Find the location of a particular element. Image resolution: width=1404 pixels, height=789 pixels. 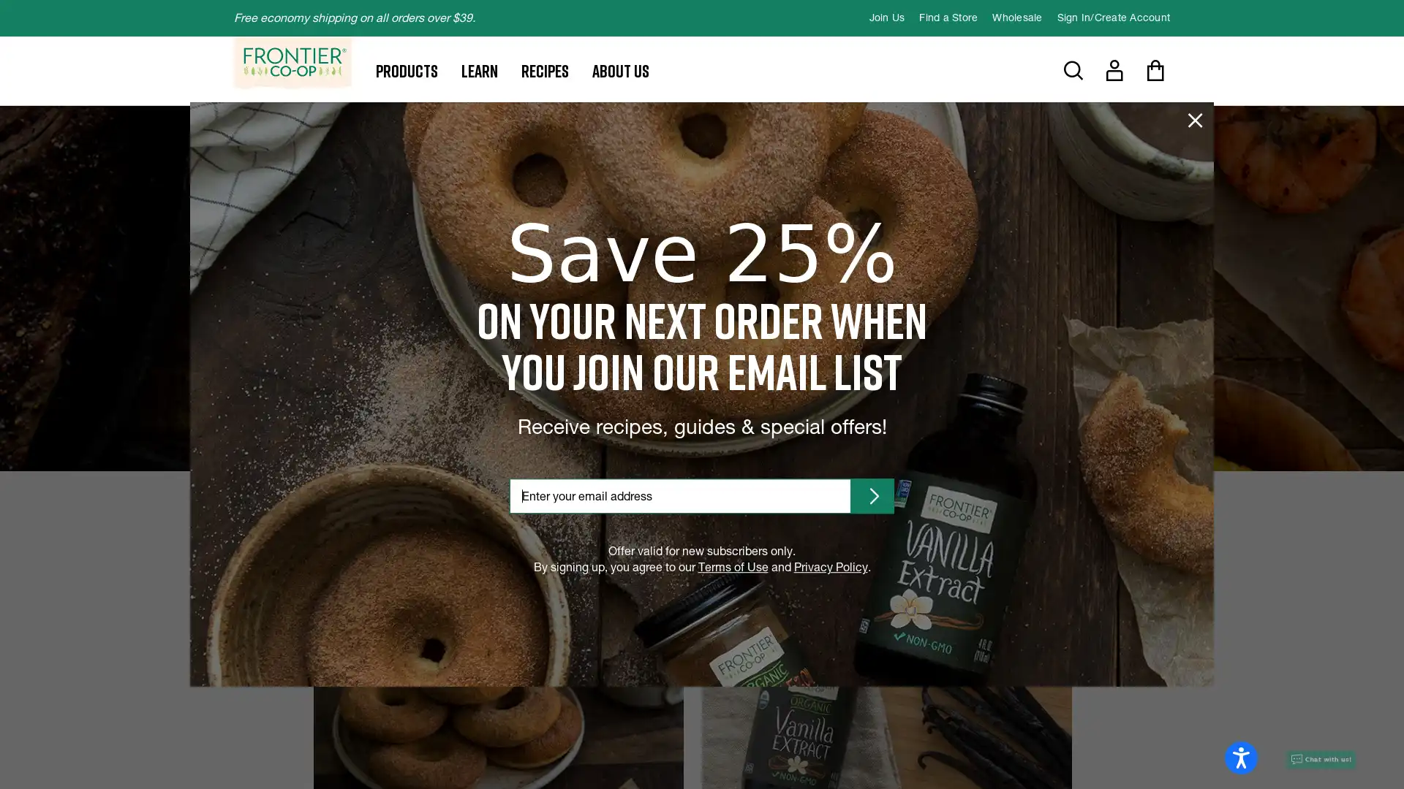

Learn is located at coordinates (480, 70).